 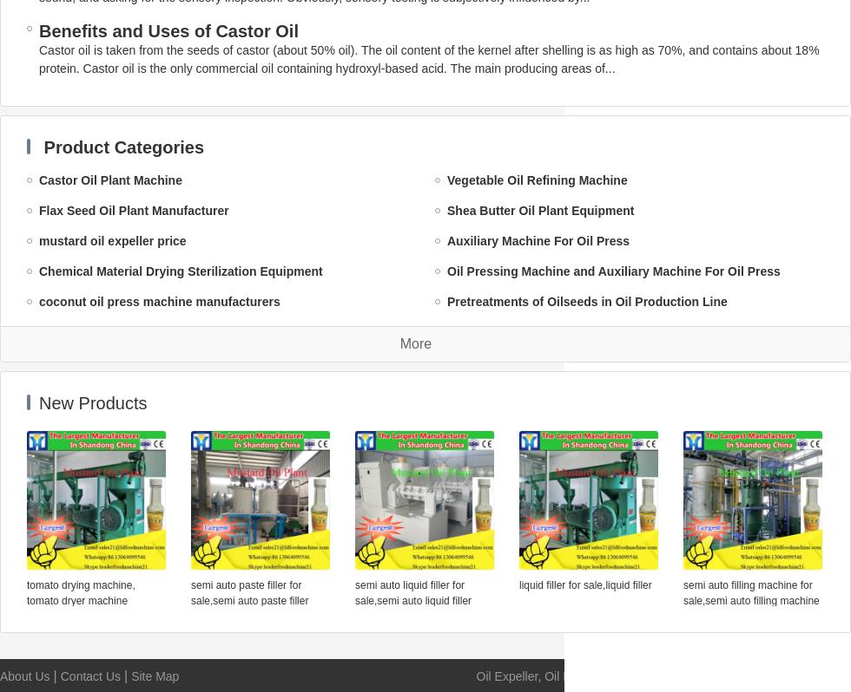 What do you see at coordinates (557, 453) in the screenshot?
I see `'crude oil refinery plant manufacturers'` at bounding box center [557, 453].